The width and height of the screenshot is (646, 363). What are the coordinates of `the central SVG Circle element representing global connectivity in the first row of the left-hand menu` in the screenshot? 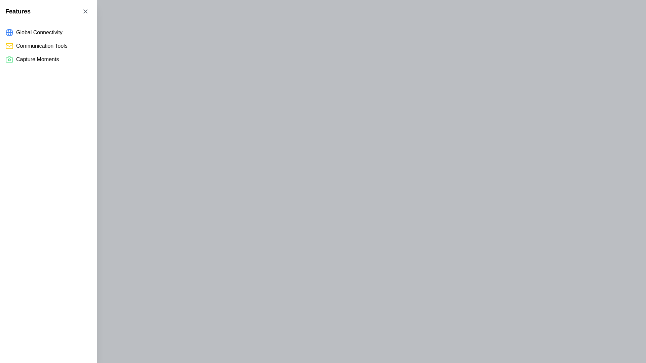 It's located at (9, 32).